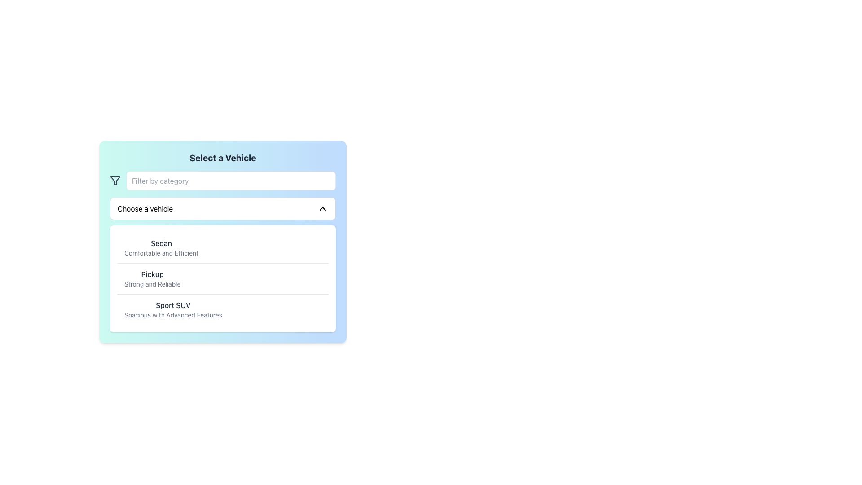 The width and height of the screenshot is (862, 485). I want to click on one of the selectable options in the A list component featuring 'Sedan', 'Pickup', or 'Sport SUV' to make a selection, so click(223, 278).